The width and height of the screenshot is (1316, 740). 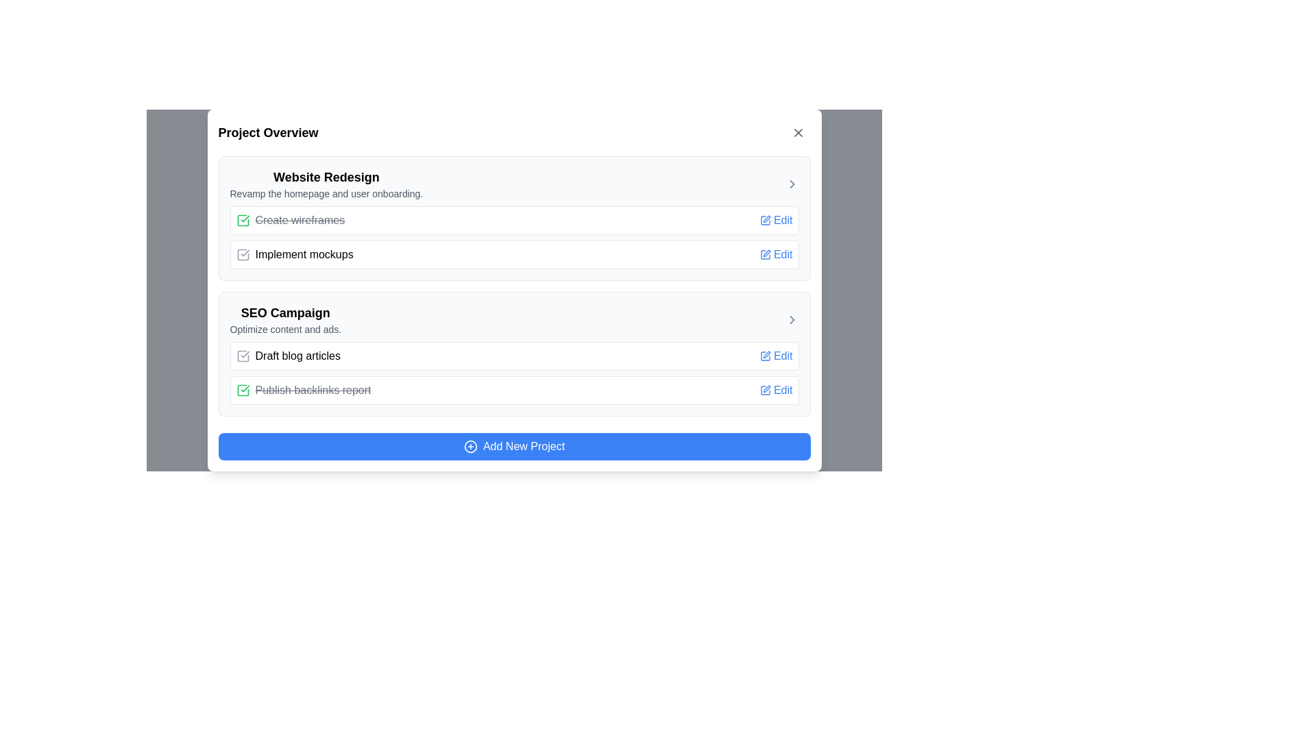 I want to click on the close button located at the top-right corner of the 'Project Overview' modal, so click(x=798, y=132).